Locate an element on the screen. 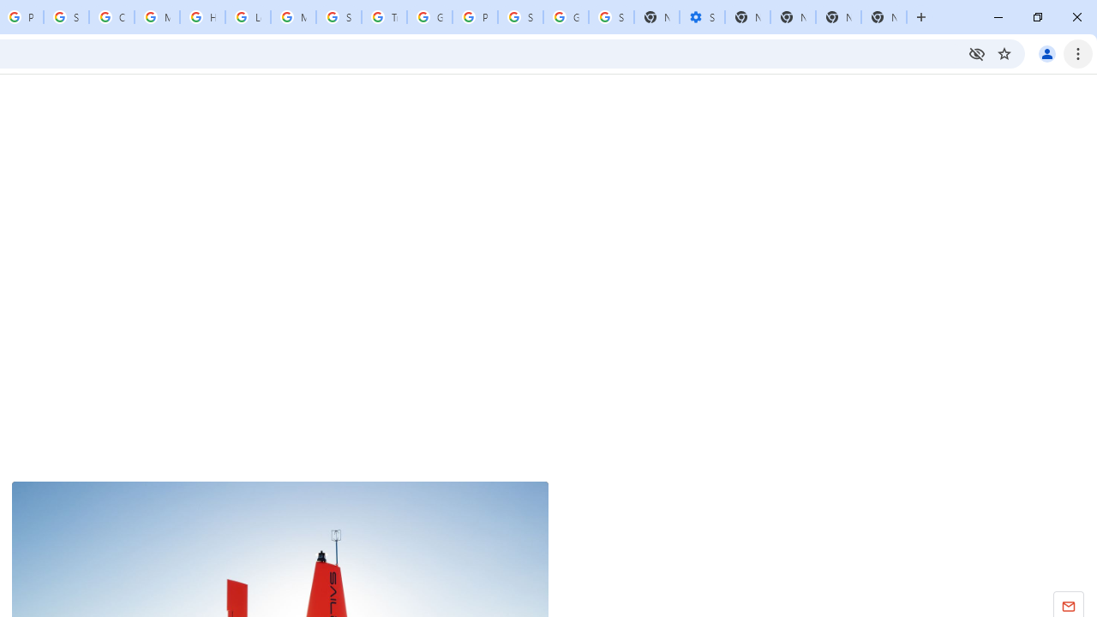 This screenshot has width=1097, height=617. 'Google Ads - Sign in' is located at coordinates (429, 17).